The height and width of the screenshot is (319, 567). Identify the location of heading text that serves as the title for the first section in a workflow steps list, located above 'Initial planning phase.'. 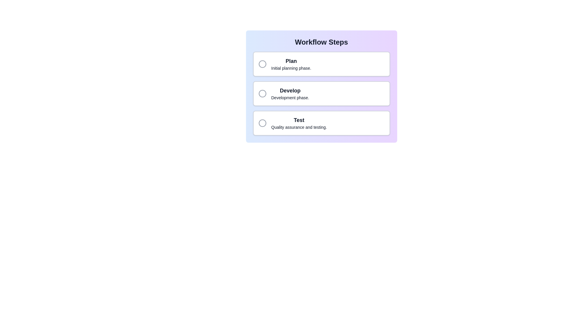
(291, 61).